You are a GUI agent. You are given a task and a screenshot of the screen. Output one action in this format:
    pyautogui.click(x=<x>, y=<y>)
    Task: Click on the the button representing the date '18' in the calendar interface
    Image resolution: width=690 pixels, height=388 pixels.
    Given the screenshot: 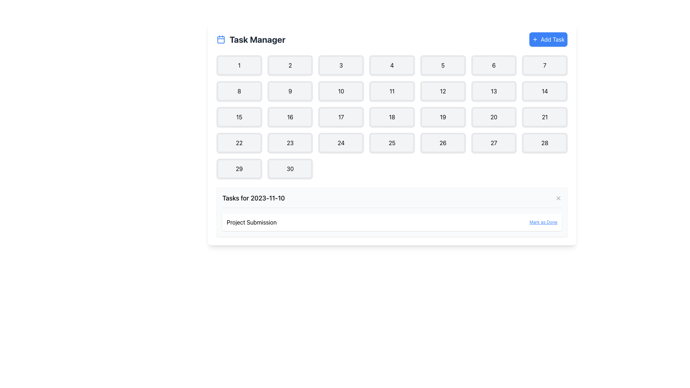 What is the action you would take?
    pyautogui.click(x=391, y=117)
    